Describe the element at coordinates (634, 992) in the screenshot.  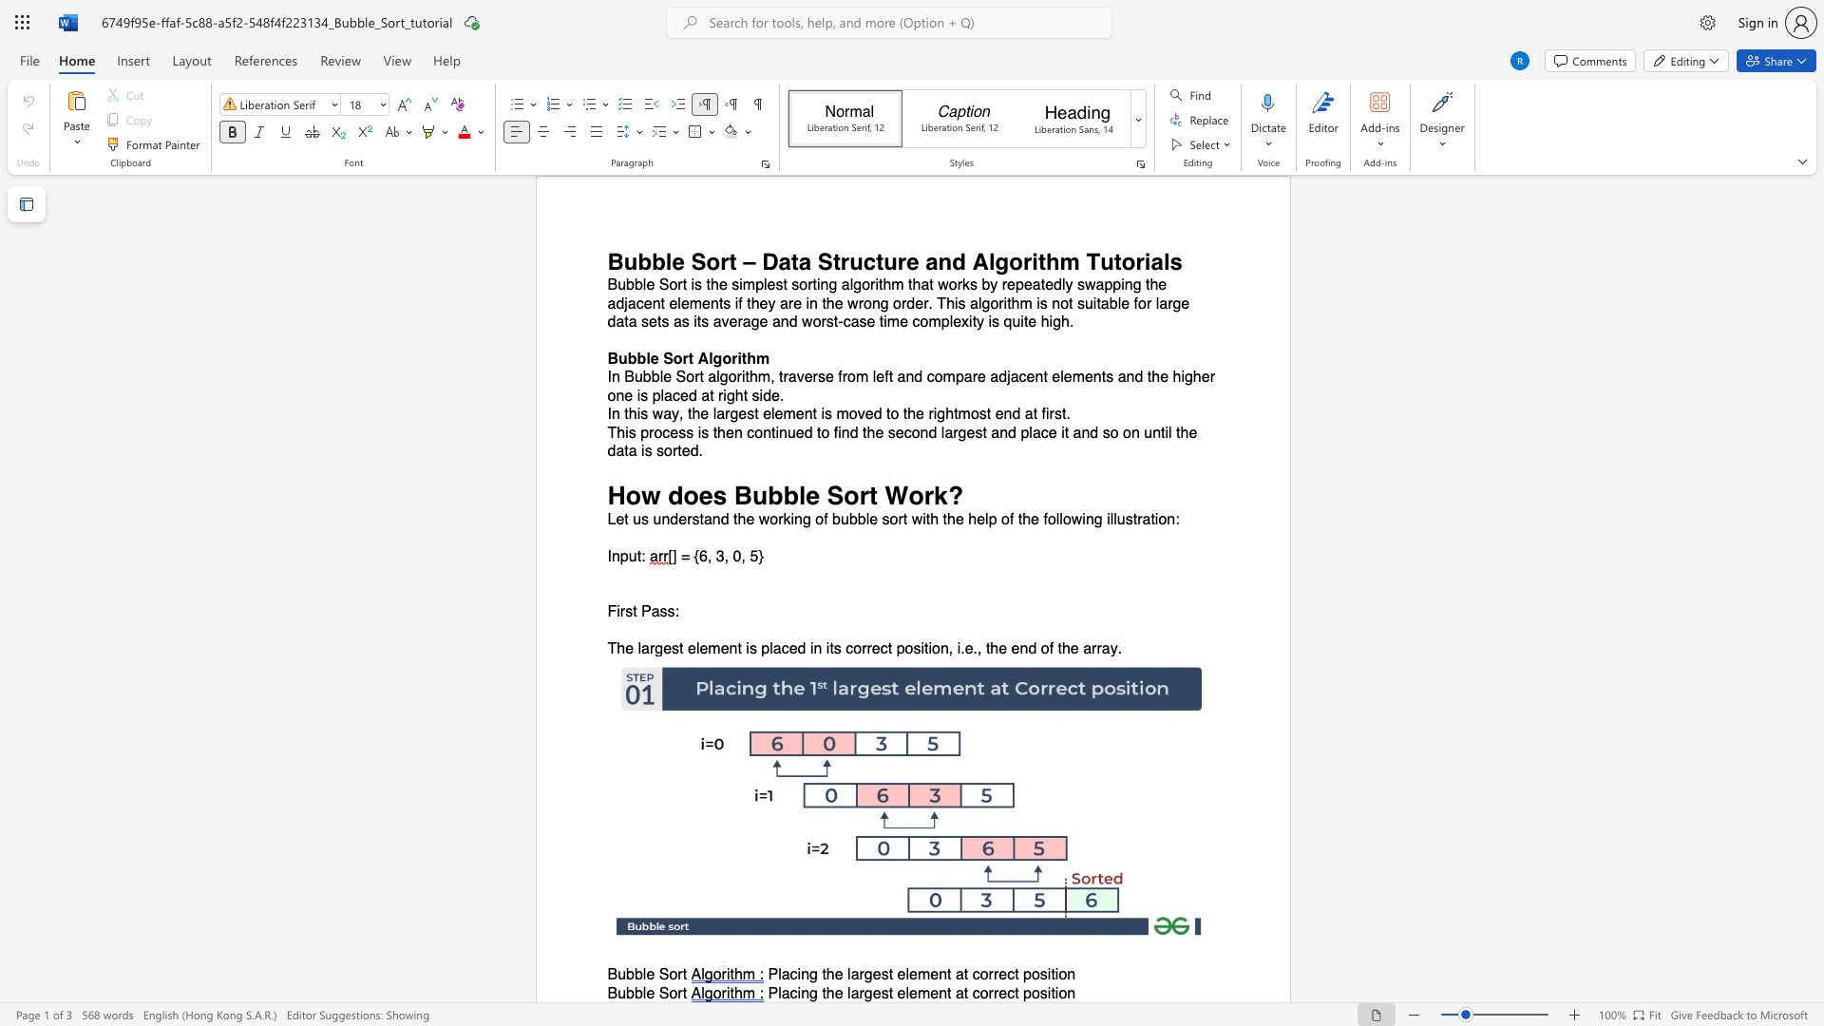
I see `the subset text "ble S" within the text "Bubble Sort"` at that location.